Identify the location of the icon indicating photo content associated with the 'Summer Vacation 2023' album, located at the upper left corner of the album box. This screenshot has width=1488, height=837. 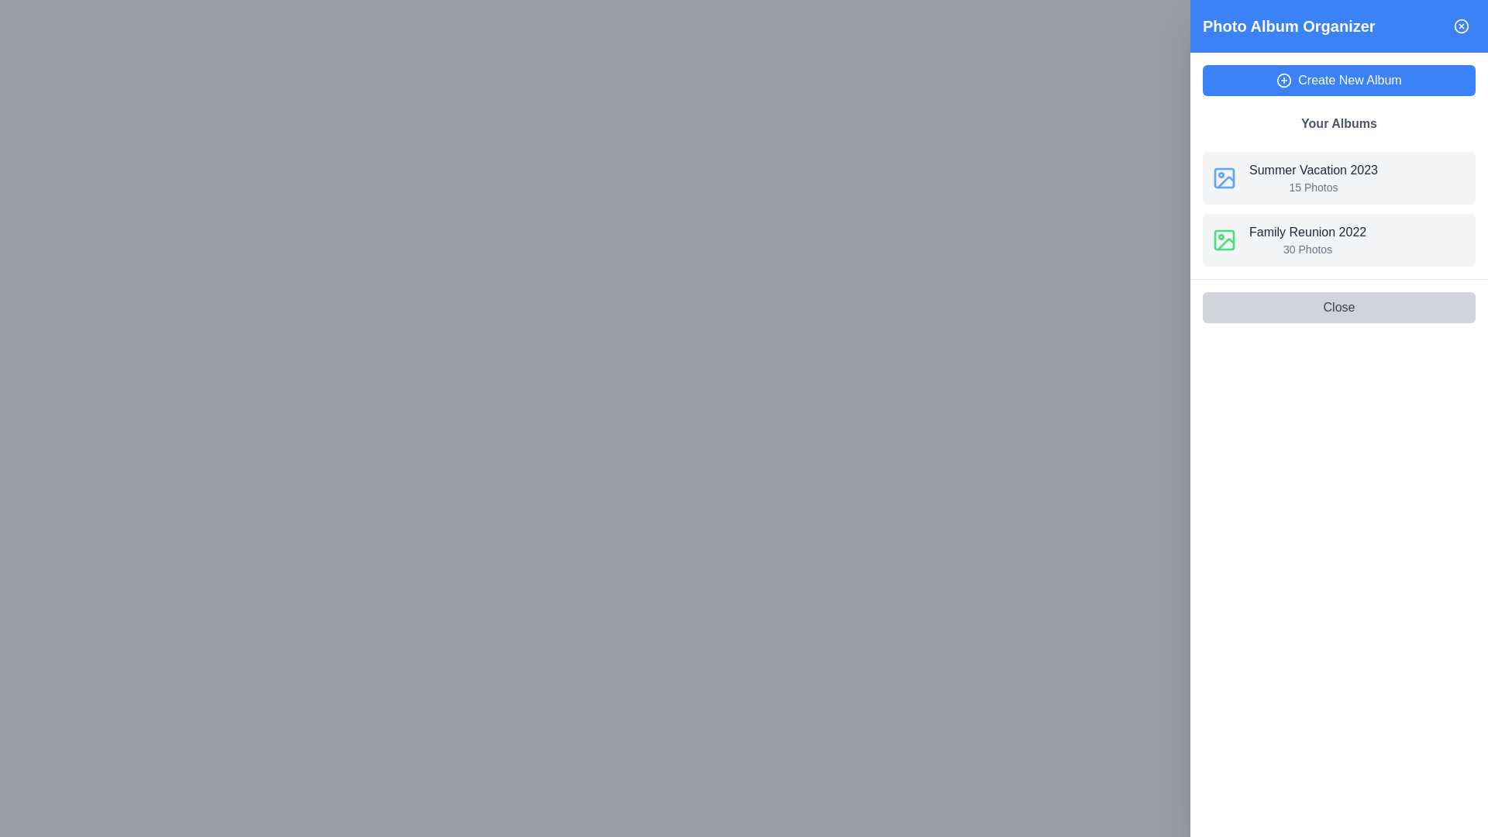
(1223, 177).